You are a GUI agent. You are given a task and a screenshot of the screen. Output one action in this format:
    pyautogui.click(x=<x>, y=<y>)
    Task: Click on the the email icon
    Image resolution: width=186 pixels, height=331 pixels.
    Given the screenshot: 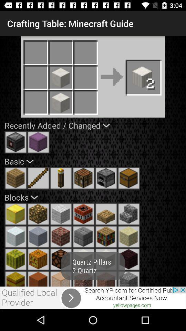 What is the action you would take?
    pyautogui.click(x=106, y=237)
    